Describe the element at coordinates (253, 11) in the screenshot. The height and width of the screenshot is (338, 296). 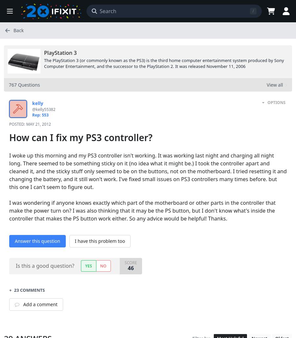
I see `'/'` at that location.